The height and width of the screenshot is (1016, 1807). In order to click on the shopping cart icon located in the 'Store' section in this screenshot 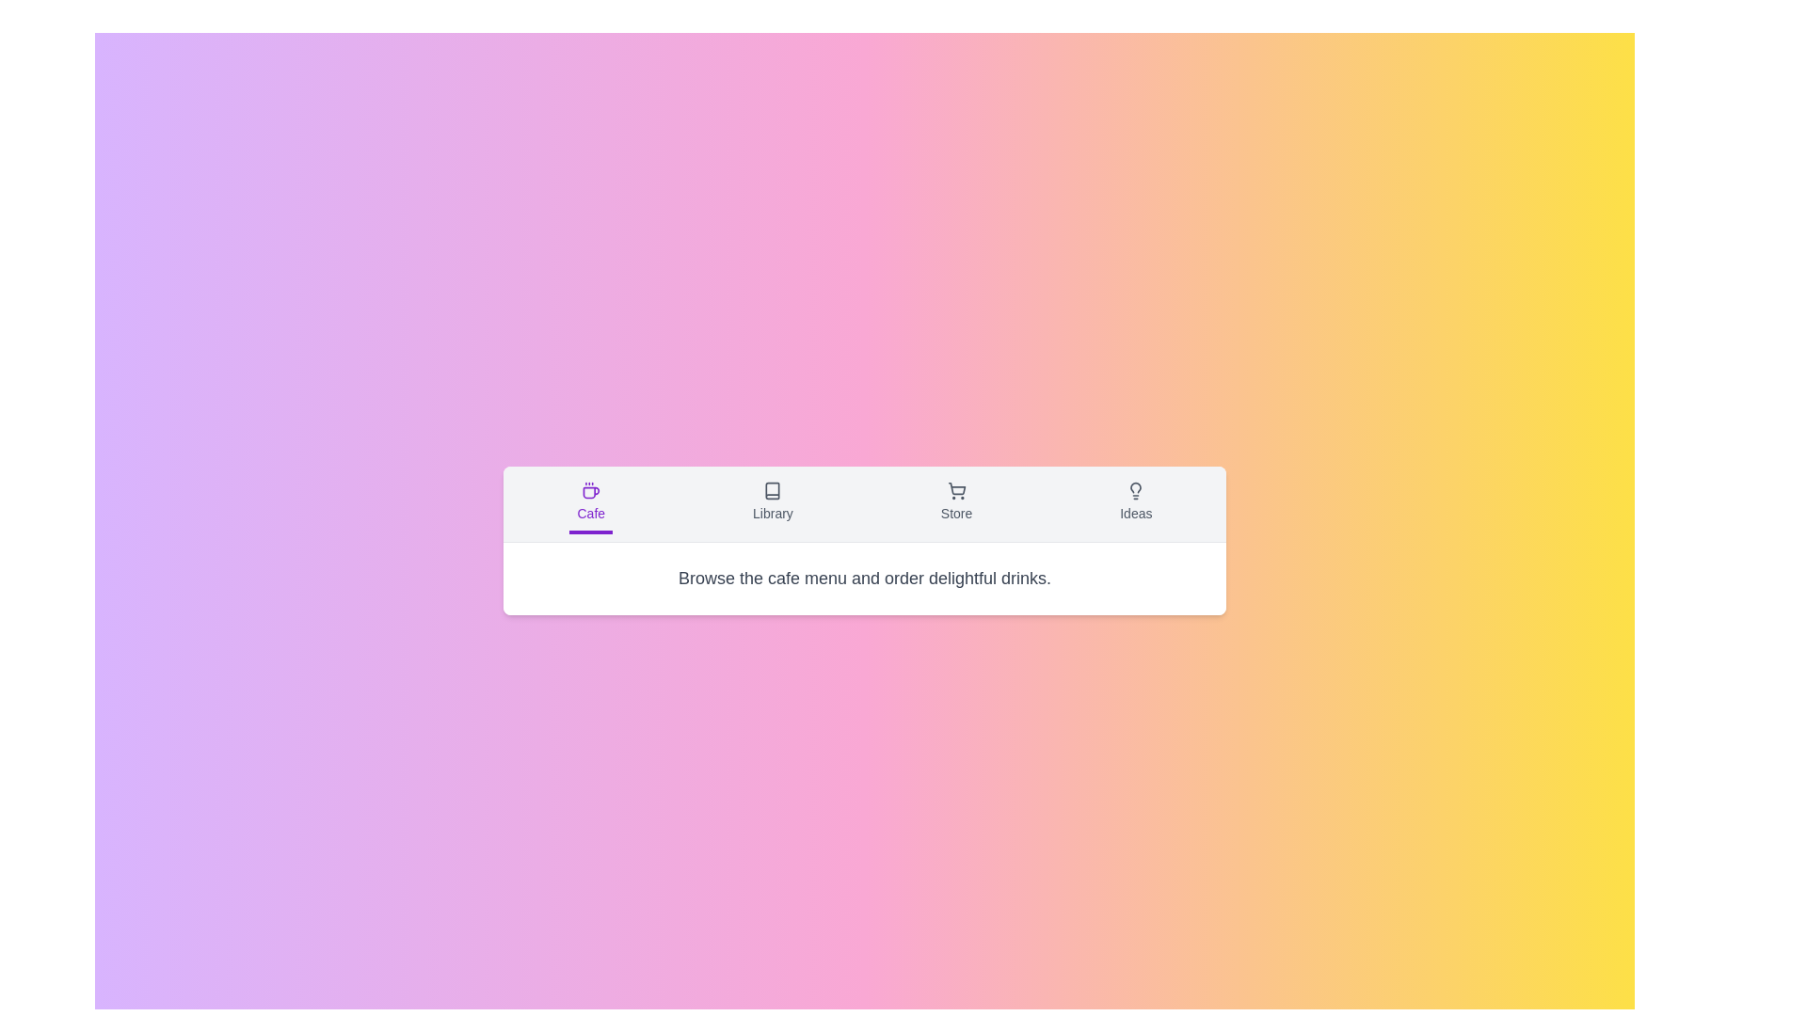, I will do `click(956, 489)`.